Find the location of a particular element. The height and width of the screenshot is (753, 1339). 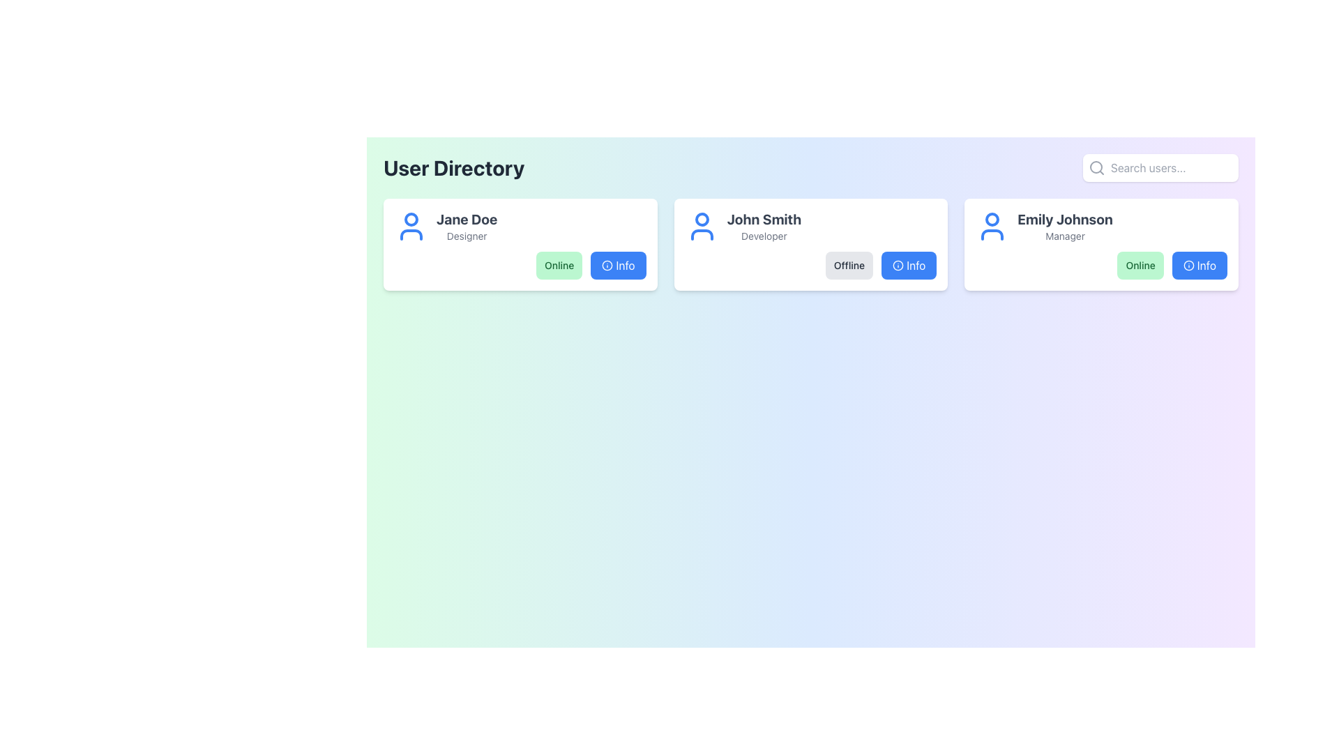

the button providing additional information about the 'John Smith' profile, located to the right of the 'Offline' button in the second card of user profiles is located at coordinates (909, 266).